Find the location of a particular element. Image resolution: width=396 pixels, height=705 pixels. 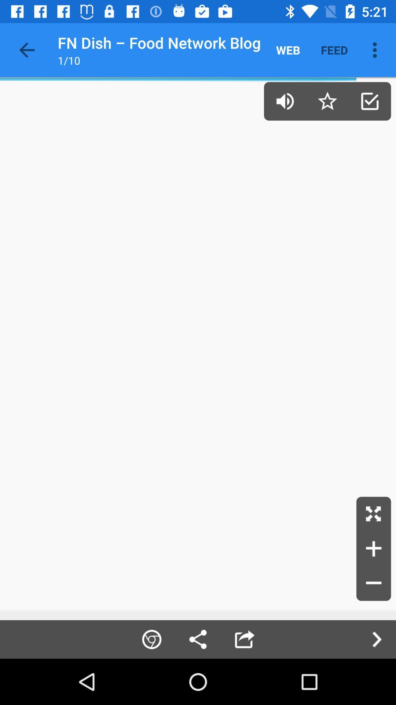

the fullscreen icon is located at coordinates (374, 514).